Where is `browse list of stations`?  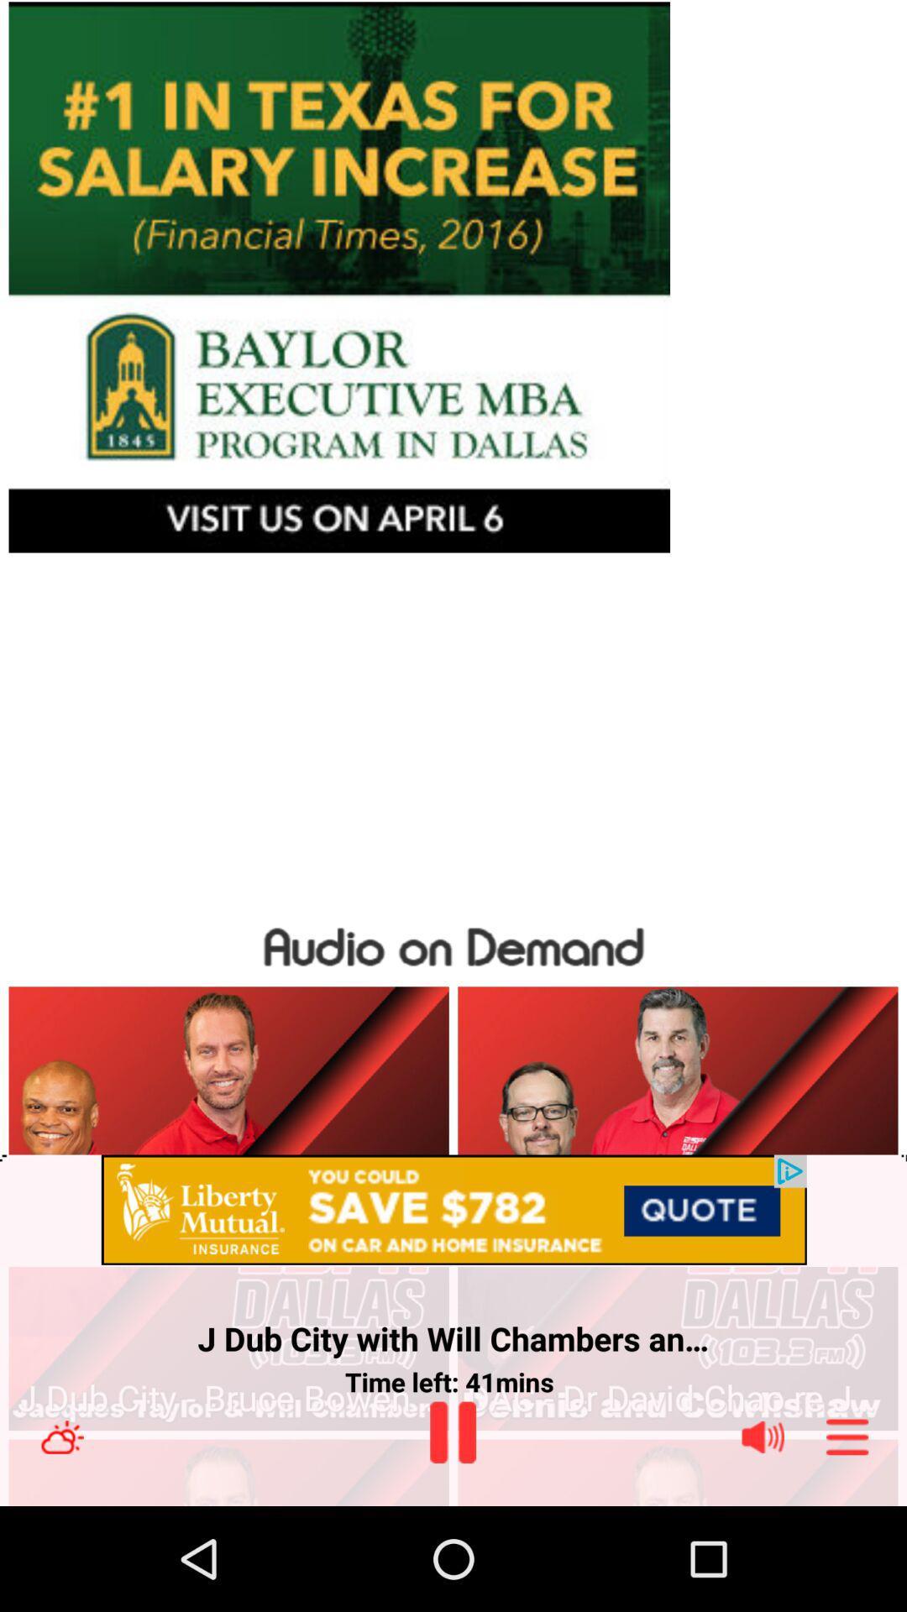
browse list of stations is located at coordinates (847, 1436).